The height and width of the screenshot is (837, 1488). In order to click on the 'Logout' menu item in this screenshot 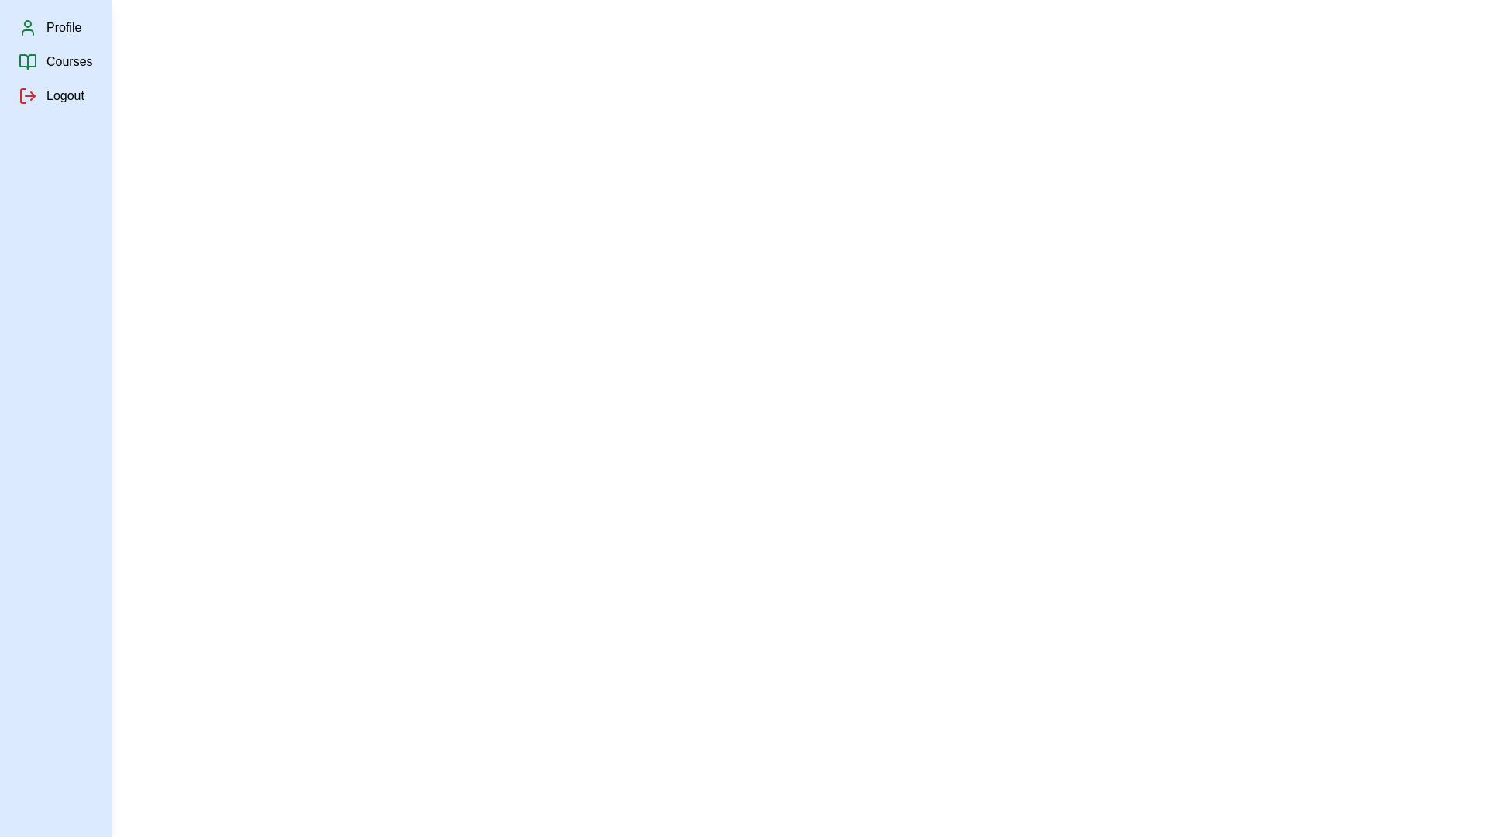, I will do `click(64, 95)`.